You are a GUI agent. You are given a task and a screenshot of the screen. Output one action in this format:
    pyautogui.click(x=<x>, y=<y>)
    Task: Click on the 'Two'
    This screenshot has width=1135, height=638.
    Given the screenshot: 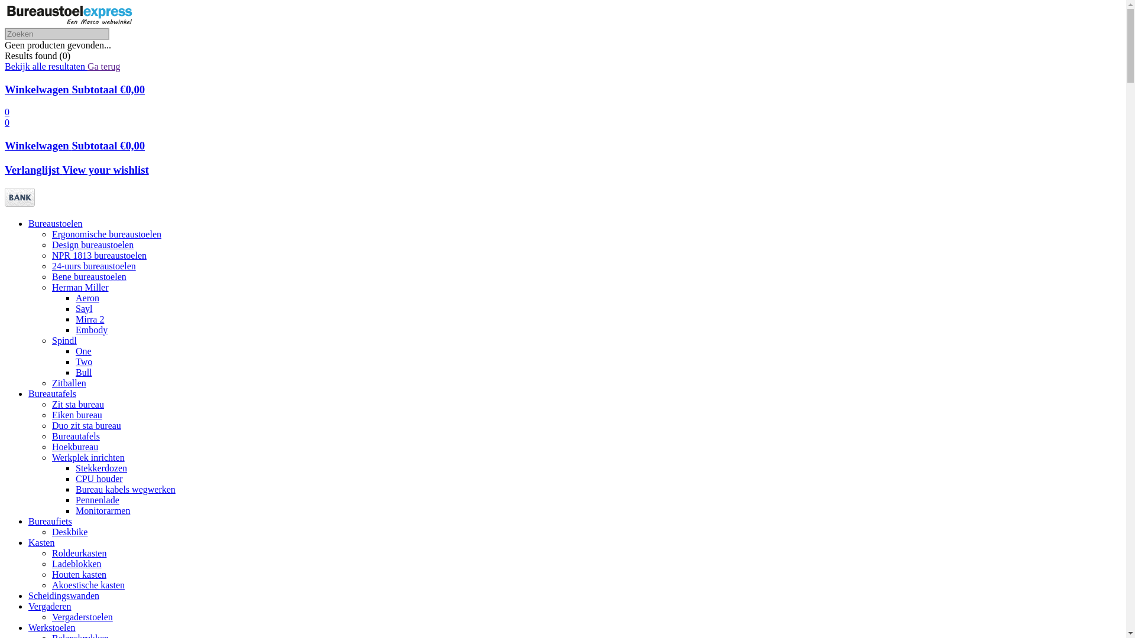 What is the action you would take?
    pyautogui.click(x=83, y=361)
    